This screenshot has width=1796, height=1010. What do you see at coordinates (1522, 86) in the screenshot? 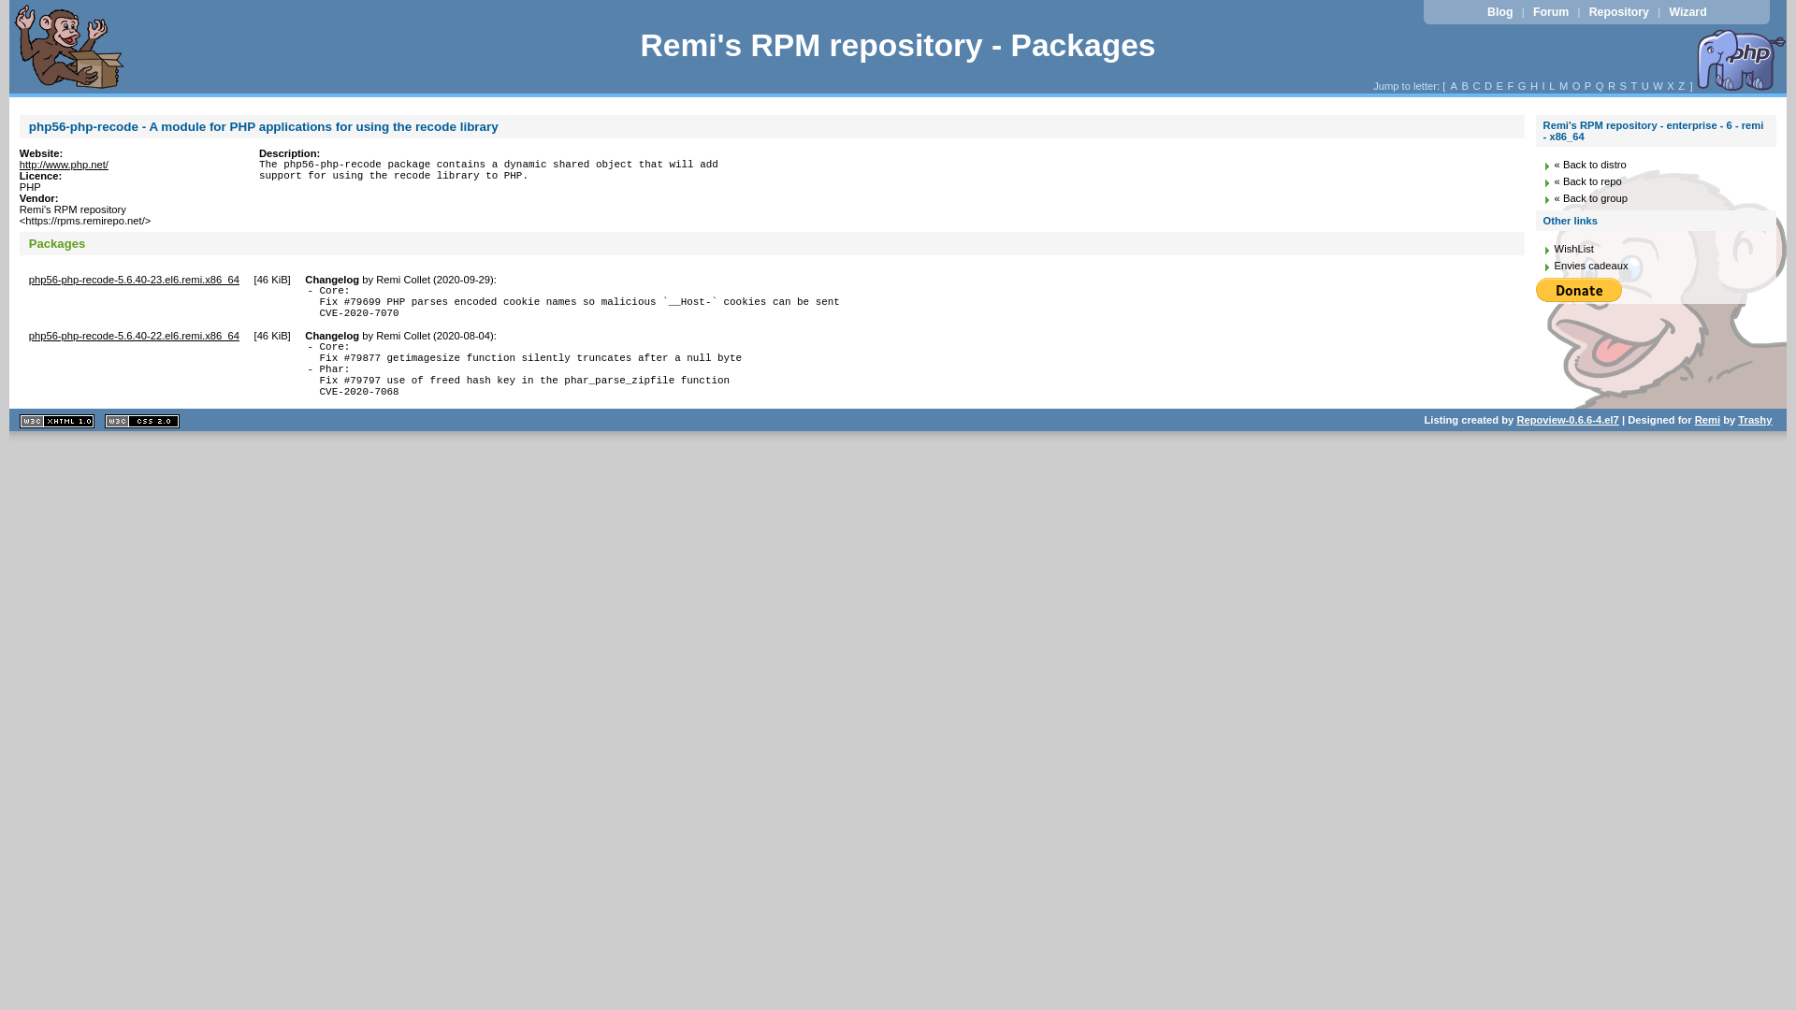
I see `'G'` at bounding box center [1522, 86].